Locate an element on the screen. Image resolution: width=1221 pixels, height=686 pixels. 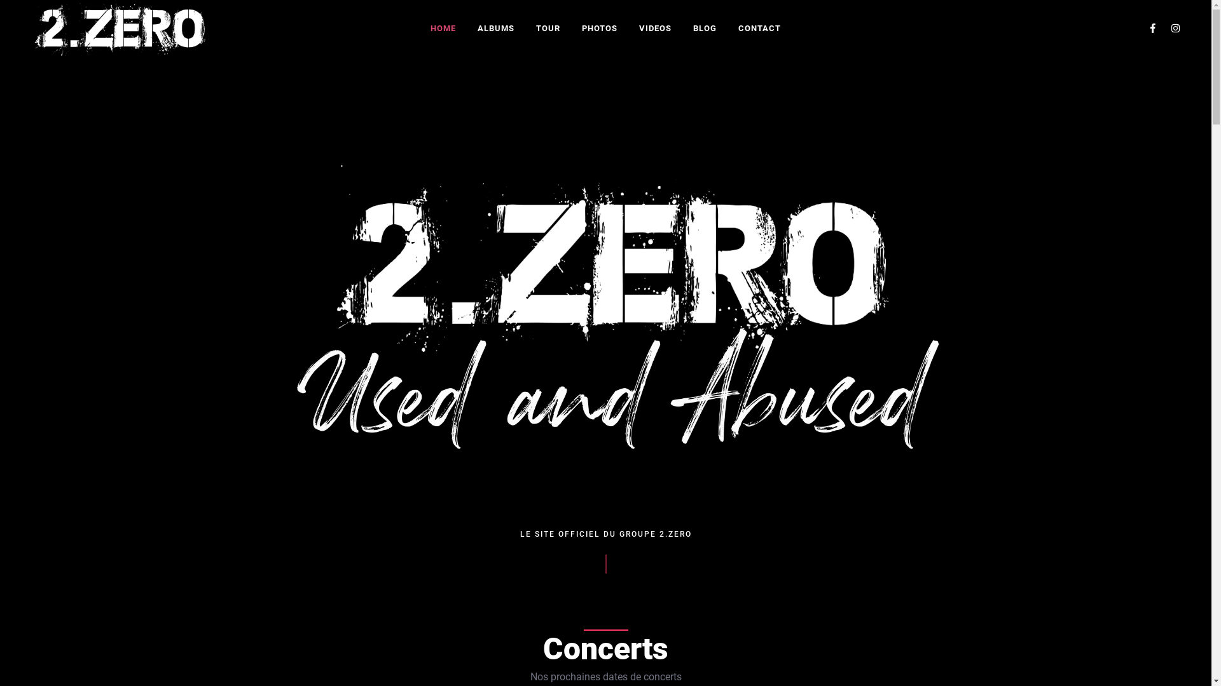
'PHOTOS' is located at coordinates (572, 28).